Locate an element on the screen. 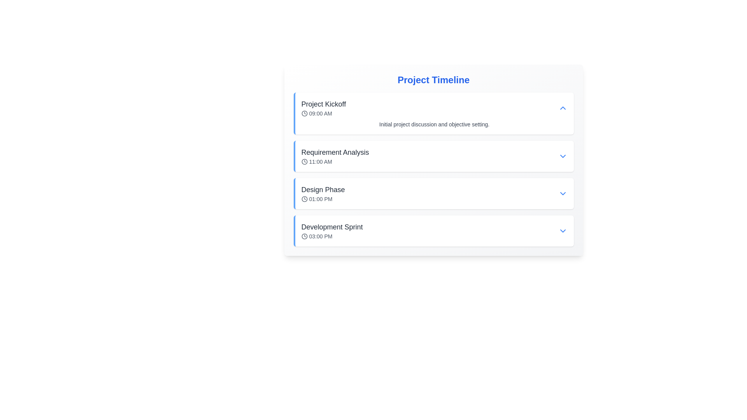 The width and height of the screenshot is (747, 420). the chevron on the right side of the 'Project Kickoff' item is located at coordinates (563, 108).